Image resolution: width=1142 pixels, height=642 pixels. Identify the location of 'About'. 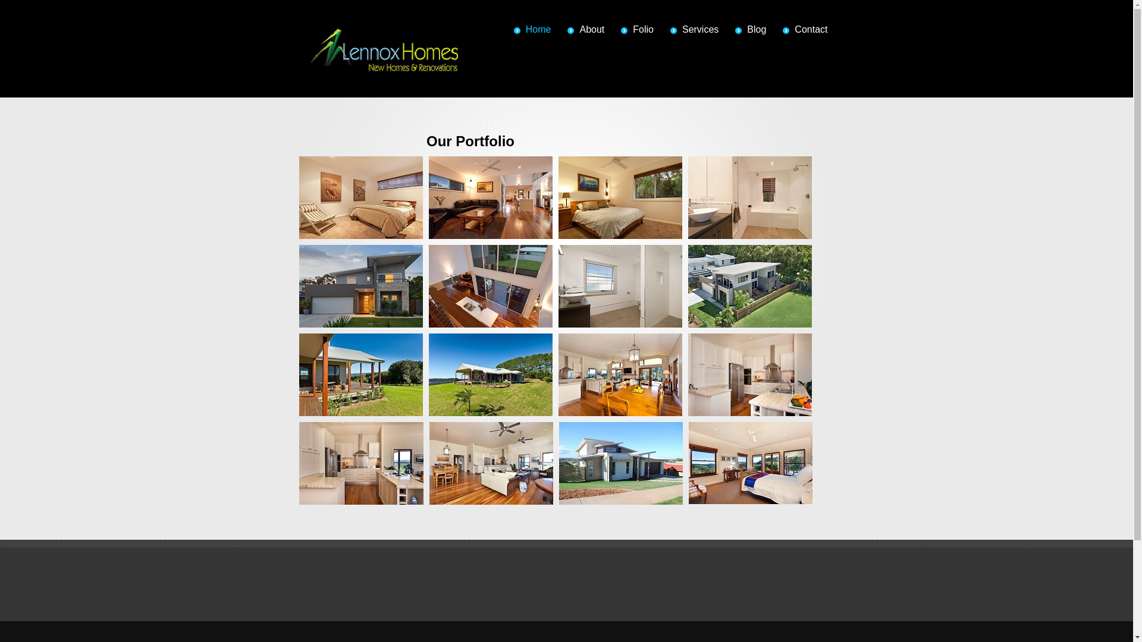
(585, 29).